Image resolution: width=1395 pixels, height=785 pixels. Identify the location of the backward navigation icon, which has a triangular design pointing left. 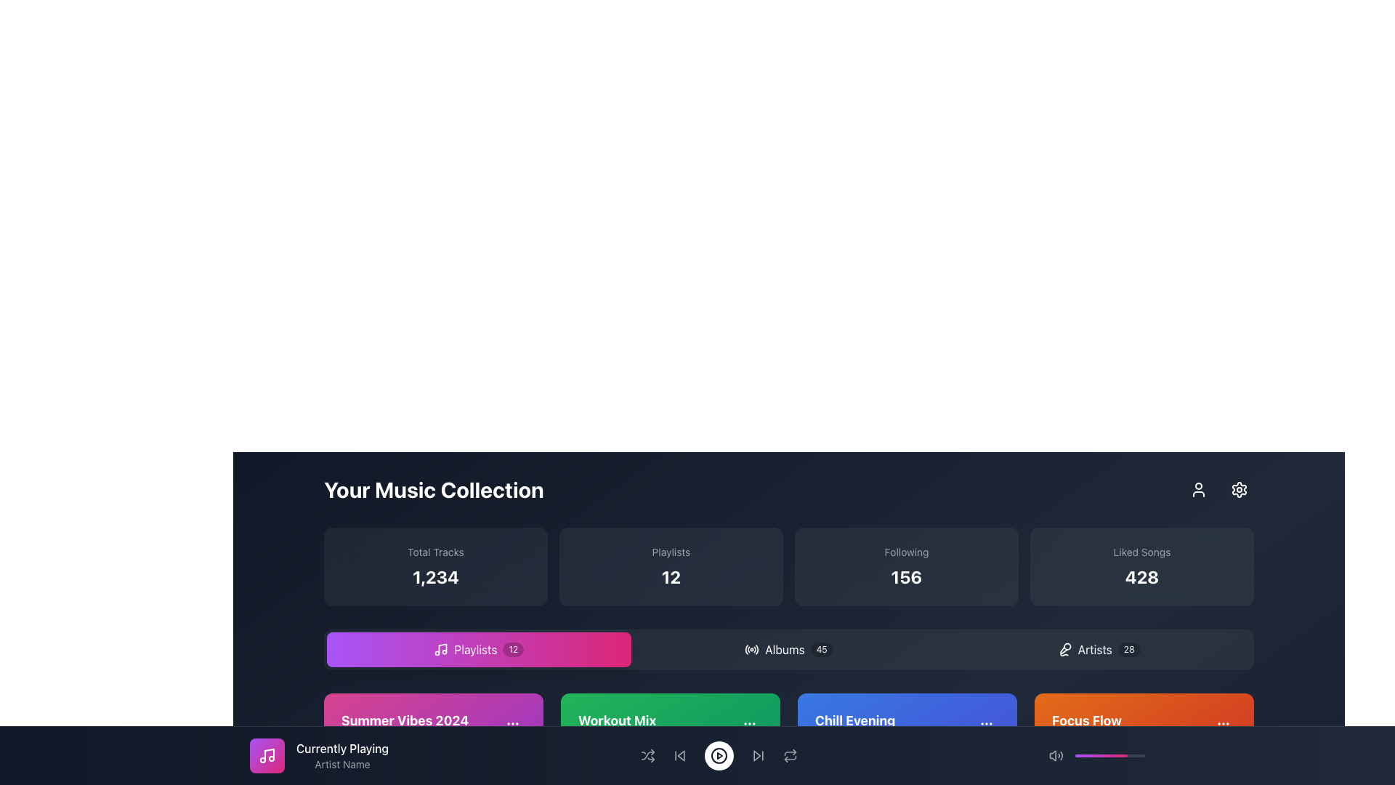
(680, 755).